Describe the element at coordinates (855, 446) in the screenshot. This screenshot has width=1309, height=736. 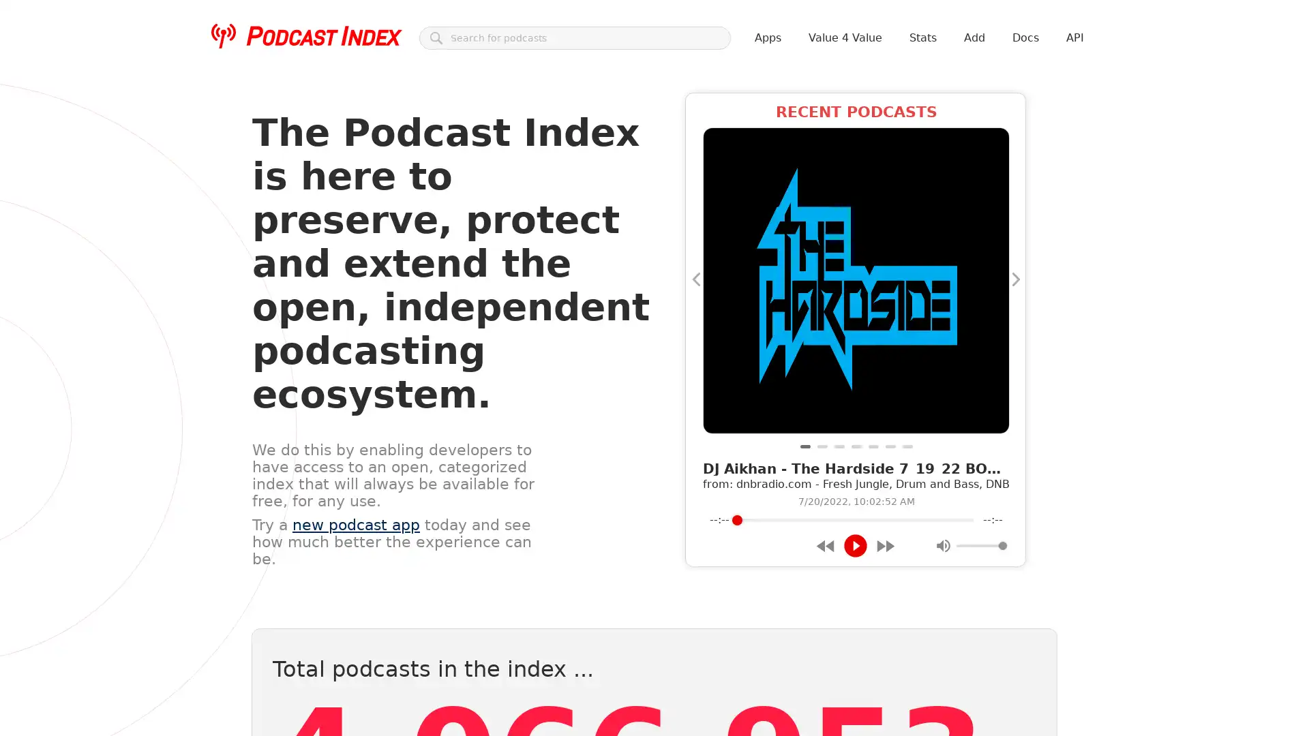
I see `Highkili, pa' esto nos pagan!` at that location.